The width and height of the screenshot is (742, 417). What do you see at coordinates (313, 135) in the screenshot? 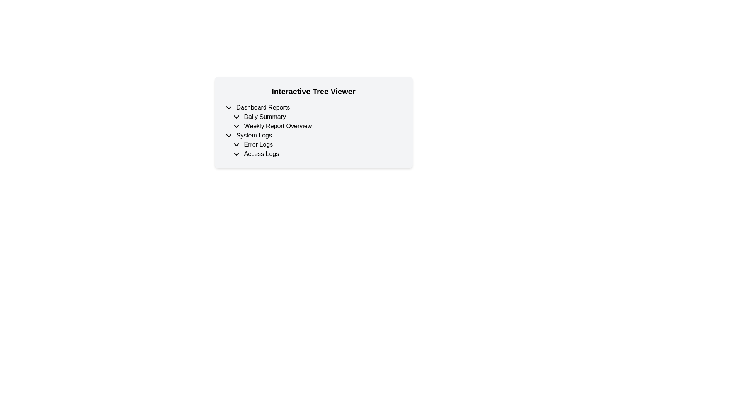
I see `the first Collapsible Tree Node in the Weekly Report Overview section to trigger the highlight effect` at bounding box center [313, 135].